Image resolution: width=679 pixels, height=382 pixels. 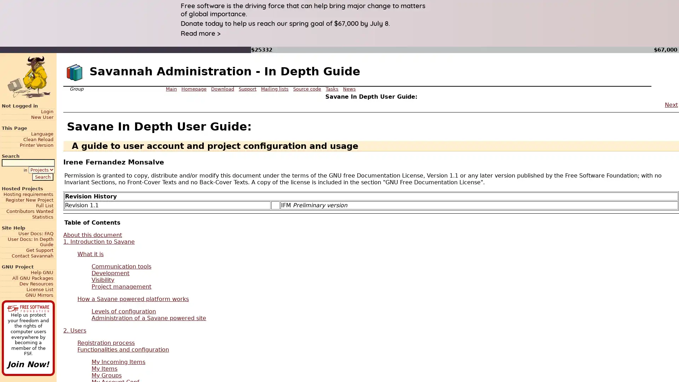 I want to click on Search, so click(x=42, y=176).